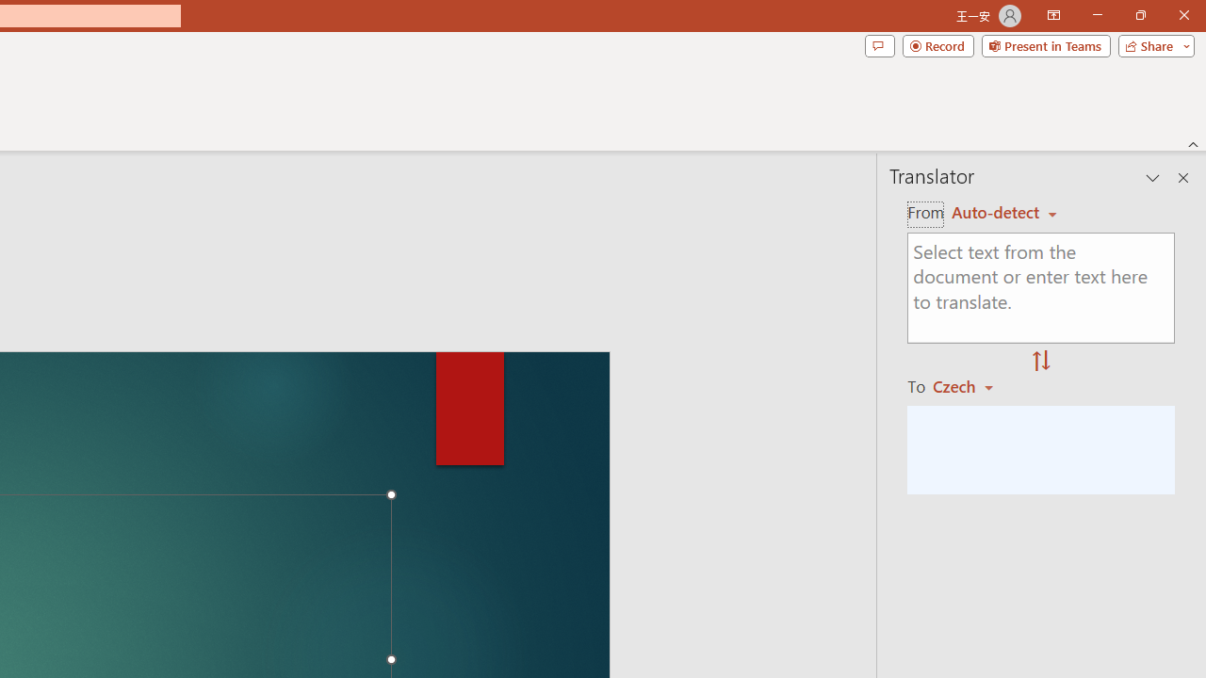 The image size is (1206, 678). Describe the element at coordinates (1139, 15) in the screenshot. I see `'Restore Down'` at that location.